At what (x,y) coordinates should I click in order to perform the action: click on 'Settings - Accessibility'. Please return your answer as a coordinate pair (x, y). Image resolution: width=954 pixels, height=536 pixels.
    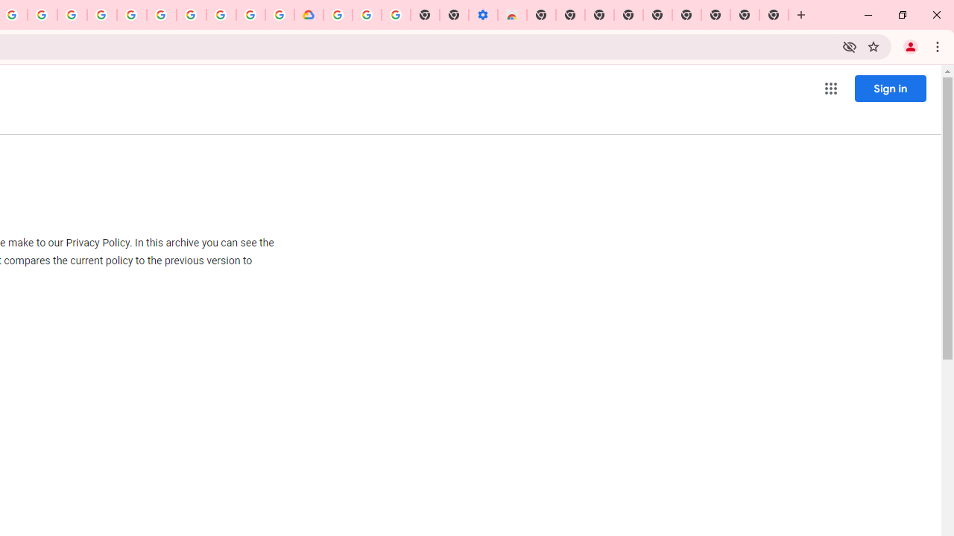
    Looking at the image, I should click on (483, 15).